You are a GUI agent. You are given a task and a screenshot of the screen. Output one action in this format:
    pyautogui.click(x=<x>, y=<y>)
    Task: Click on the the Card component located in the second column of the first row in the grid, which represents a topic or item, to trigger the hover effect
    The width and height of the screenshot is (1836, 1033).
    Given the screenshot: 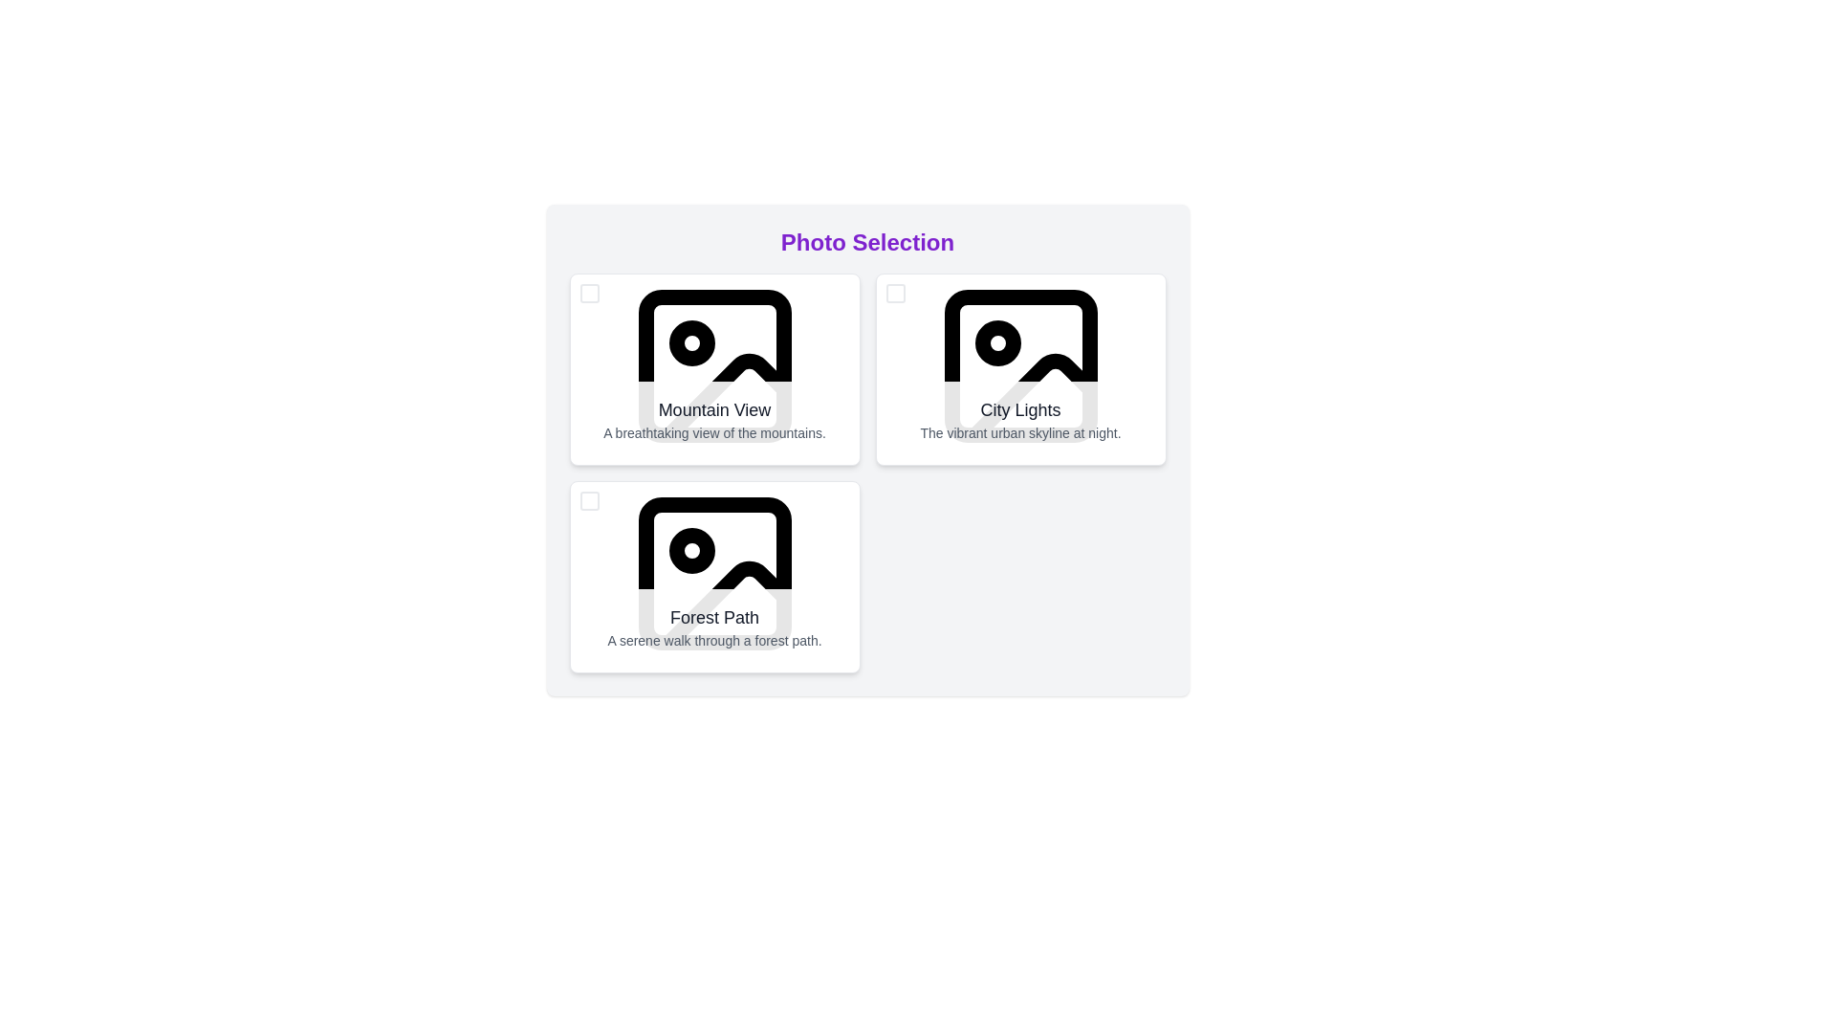 What is the action you would take?
    pyautogui.click(x=1019, y=369)
    